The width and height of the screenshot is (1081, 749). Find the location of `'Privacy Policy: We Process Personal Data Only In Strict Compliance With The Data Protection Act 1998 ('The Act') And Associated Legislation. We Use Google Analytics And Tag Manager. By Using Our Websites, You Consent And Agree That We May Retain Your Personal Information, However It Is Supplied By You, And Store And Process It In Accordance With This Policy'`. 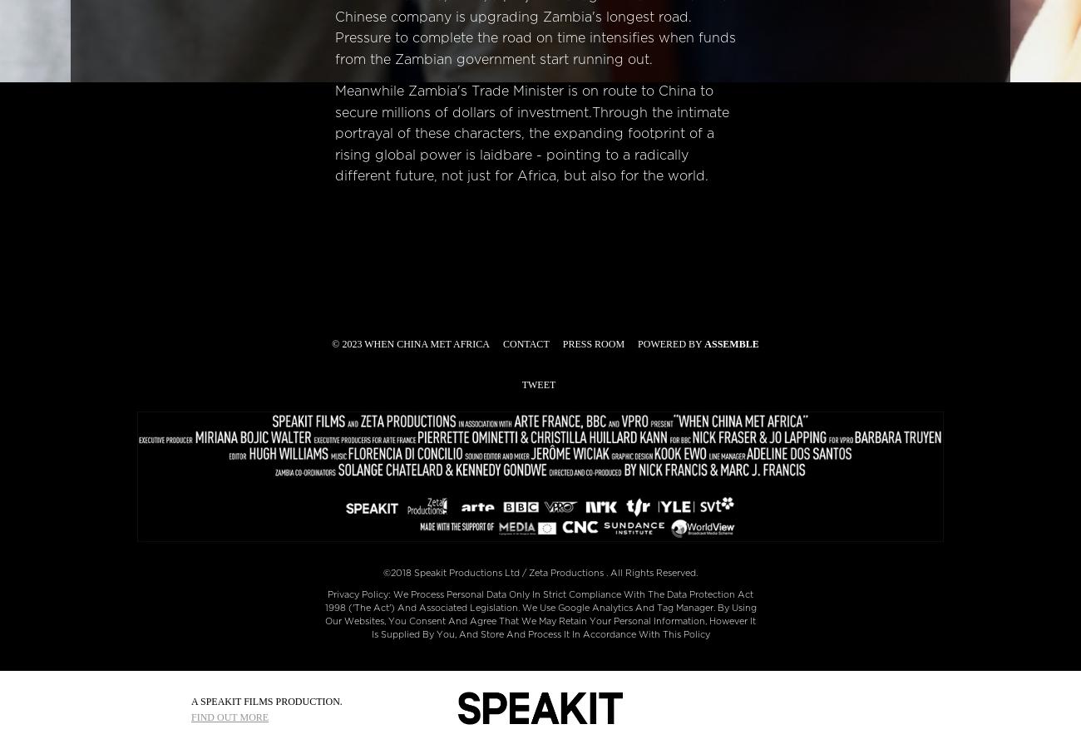

'Privacy Policy: We Process Personal Data Only In Strict Compliance With The Data Protection Act 1998 ('The Act') And Associated Legislation. We Use Google Analytics And Tag Manager. By Using Our Websites, You Consent And Agree That We May Retain Your Personal Information, However It Is Supplied By You, And Store And Process It In Accordance With This Policy' is located at coordinates (540, 613).